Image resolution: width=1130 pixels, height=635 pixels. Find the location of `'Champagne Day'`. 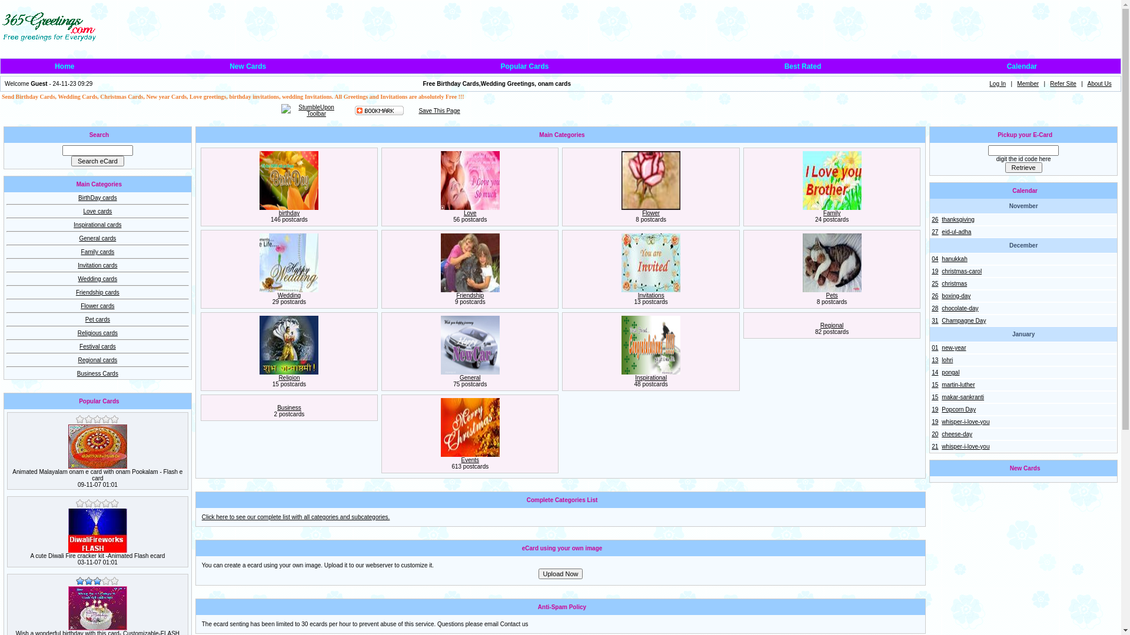

'Champagne Day' is located at coordinates (940, 320).